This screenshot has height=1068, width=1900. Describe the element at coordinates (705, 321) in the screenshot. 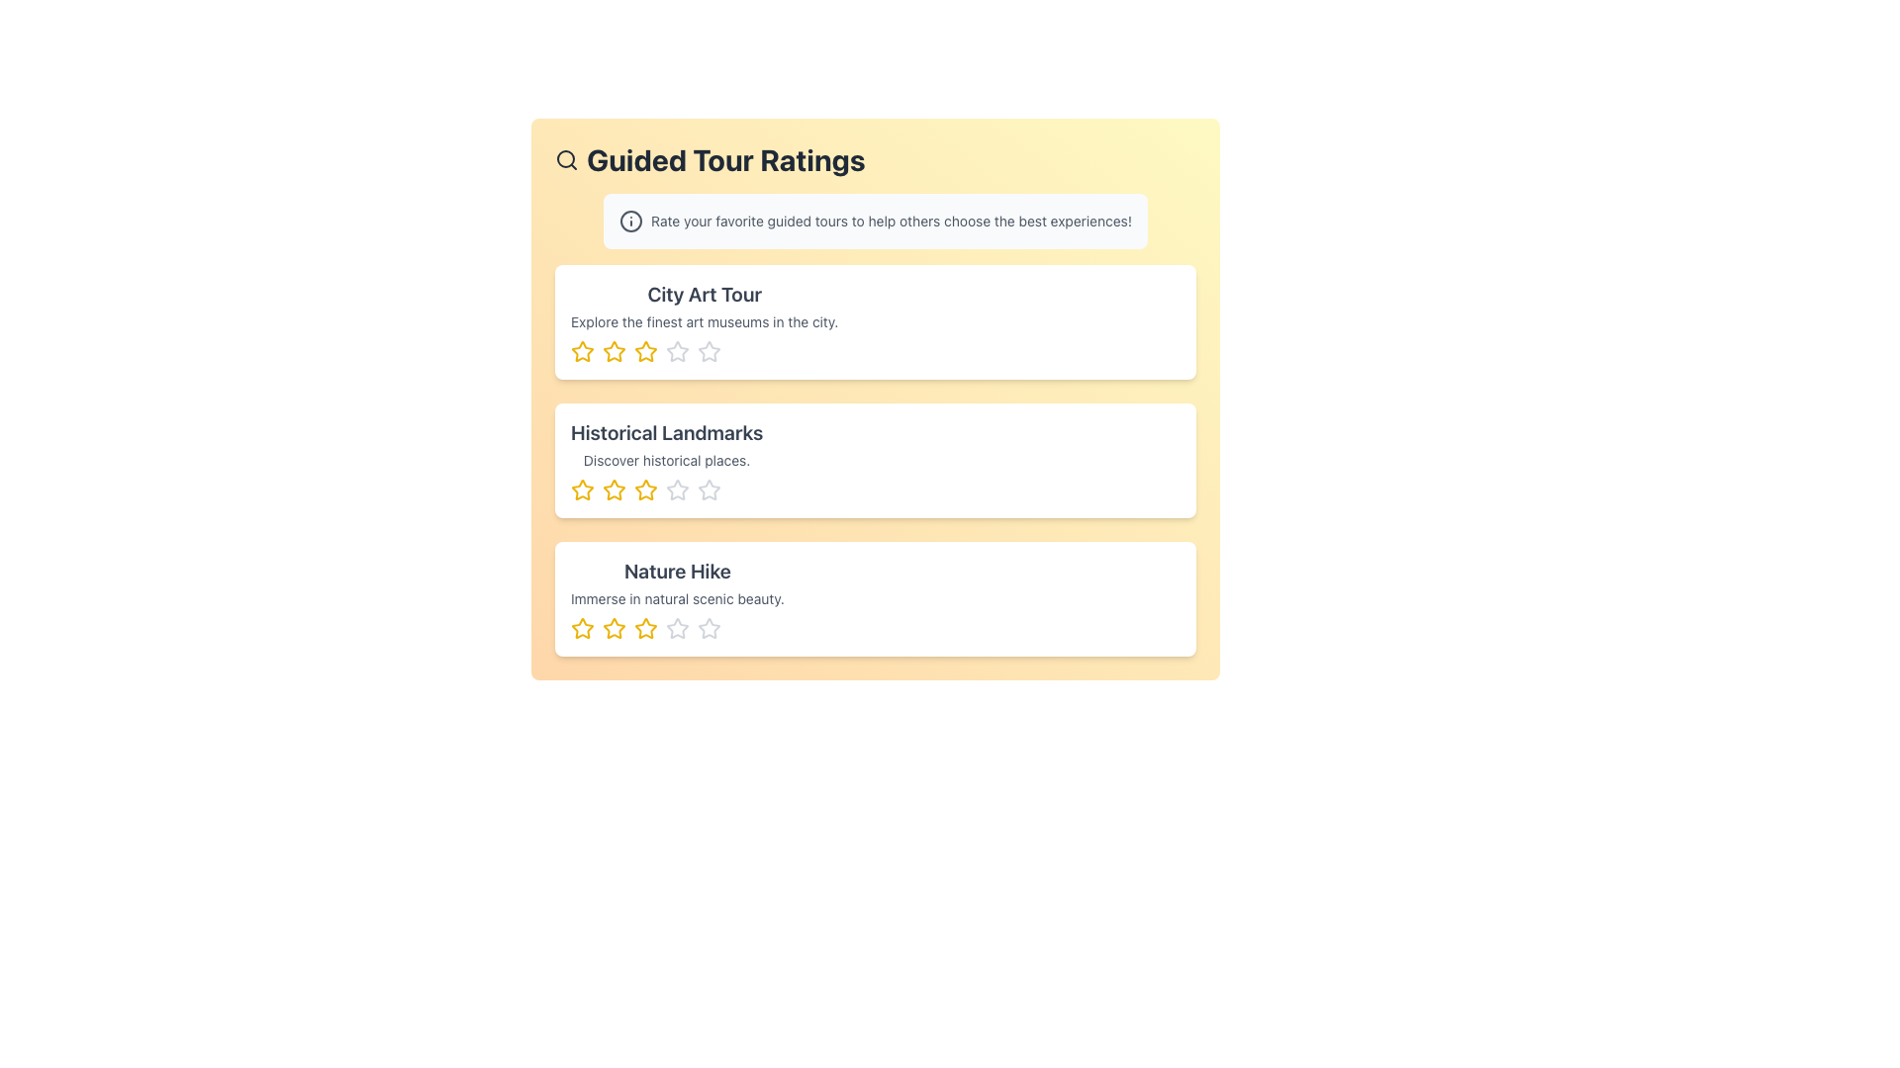

I see `title 'City Art Tour' from the Composite element located in the first item of the list under 'Guided Tour Ratings'` at that location.